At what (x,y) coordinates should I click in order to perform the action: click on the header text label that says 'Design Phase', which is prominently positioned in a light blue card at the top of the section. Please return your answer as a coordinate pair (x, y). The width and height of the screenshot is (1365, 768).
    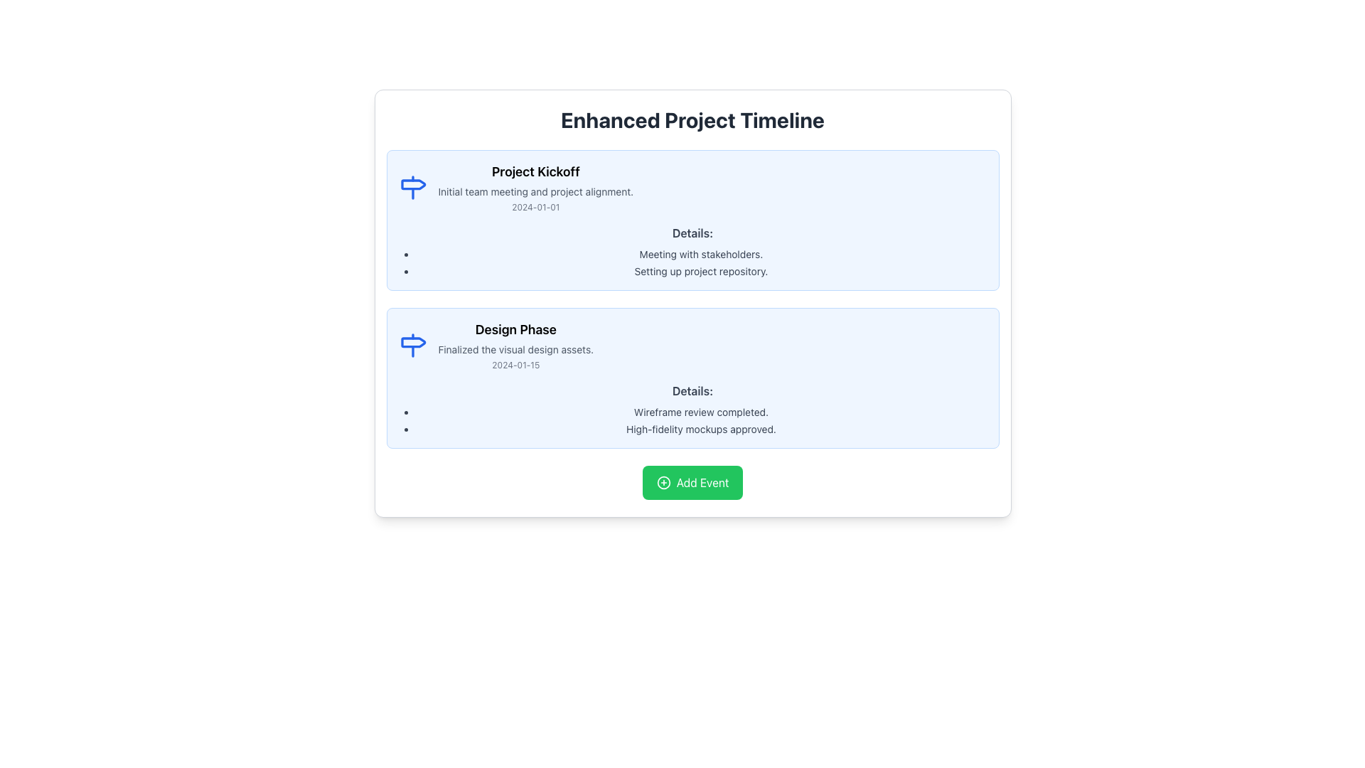
    Looking at the image, I should click on (515, 329).